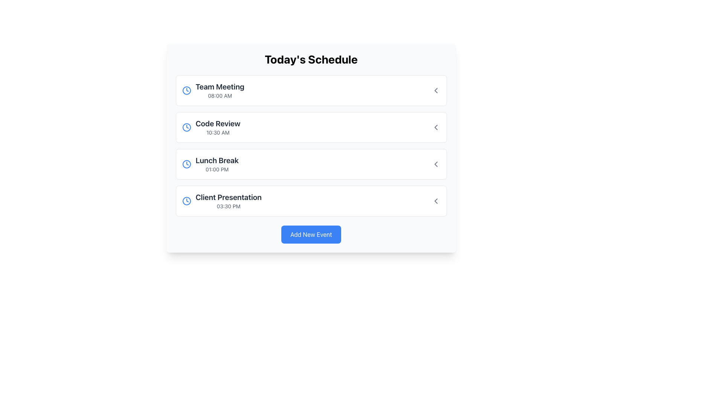 This screenshot has width=723, height=406. Describe the element at coordinates (436, 127) in the screenshot. I see `the left-pointing chevron icon button located at the far-right side of the 'Code Review' entry` at that location.